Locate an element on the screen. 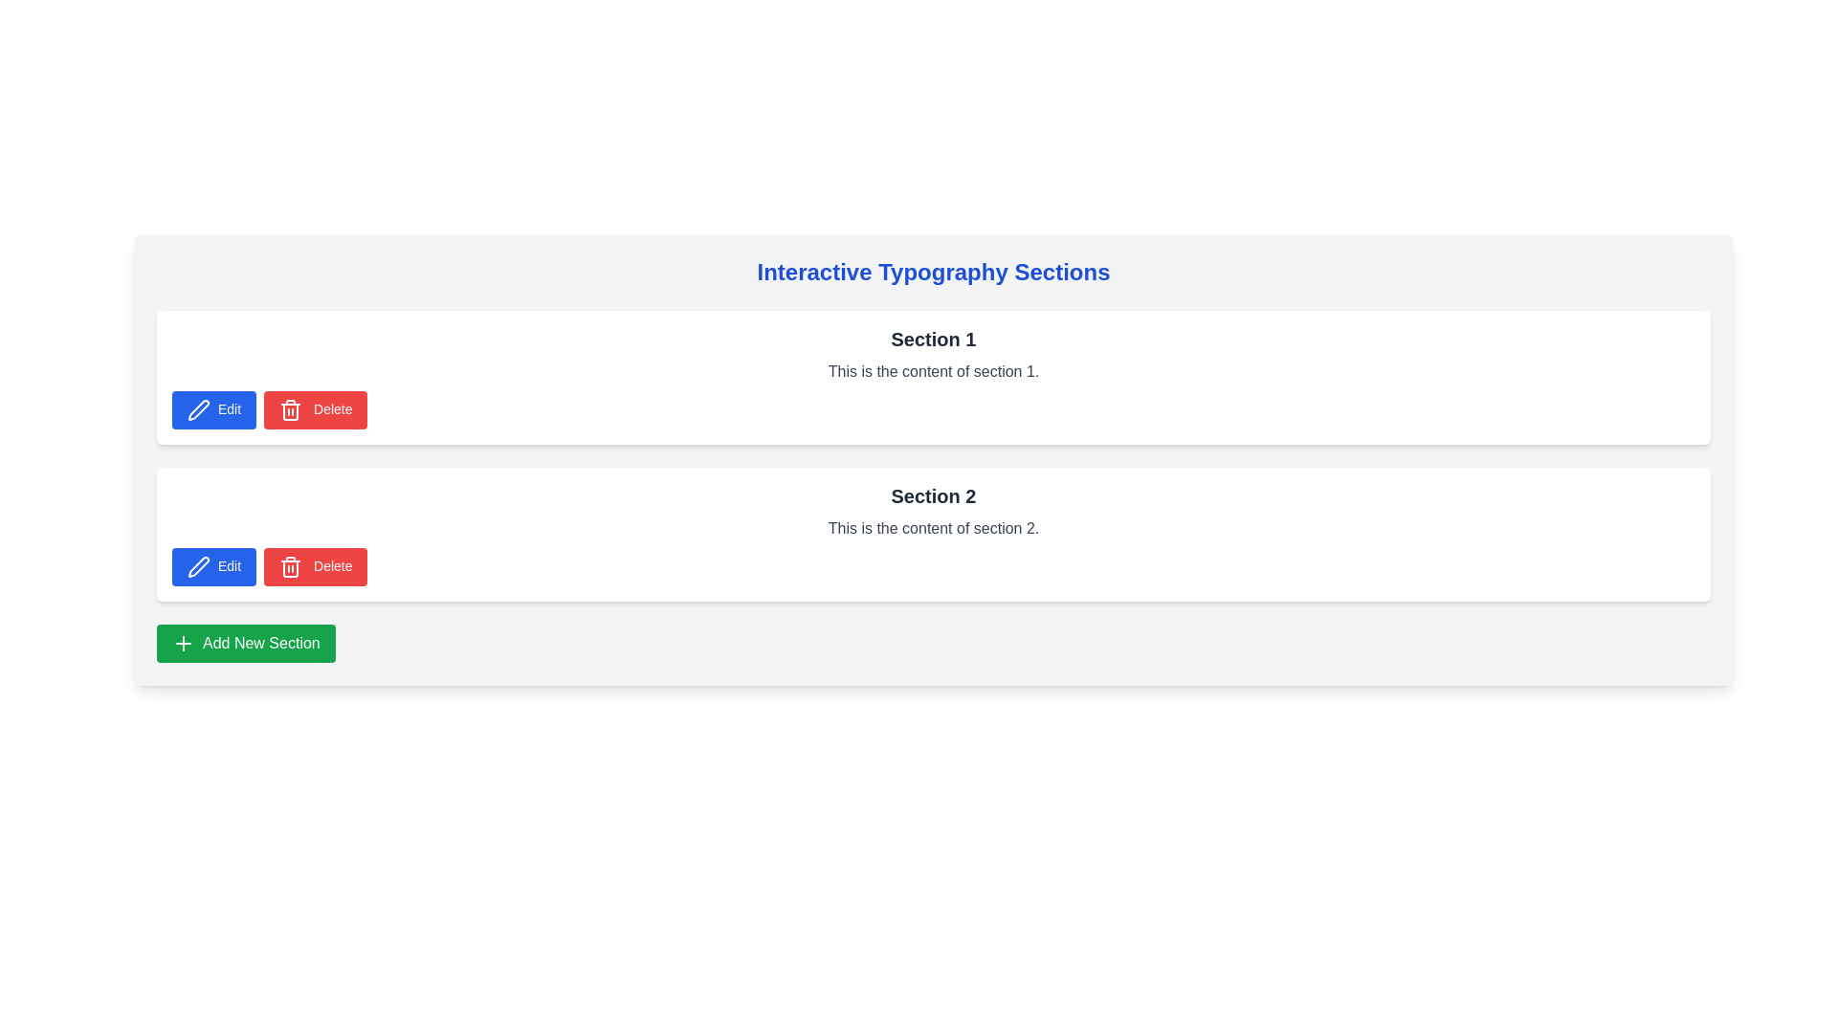 The image size is (1837, 1033). the pen-shaped icon with a blue background located to the left of the 'Edit' label in the blue button under 'Section 2' to initiate the edit action is located at coordinates (198, 566).